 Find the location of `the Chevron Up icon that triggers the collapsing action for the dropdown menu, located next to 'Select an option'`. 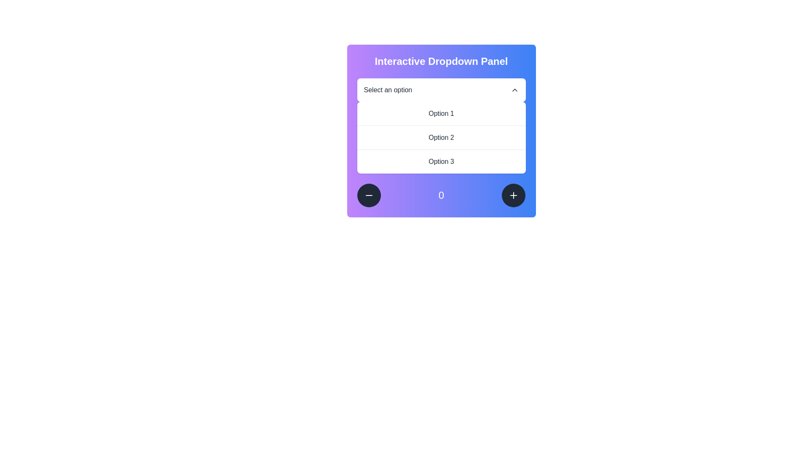

the Chevron Up icon that triggers the collapsing action for the dropdown menu, located next to 'Select an option' is located at coordinates (514, 90).